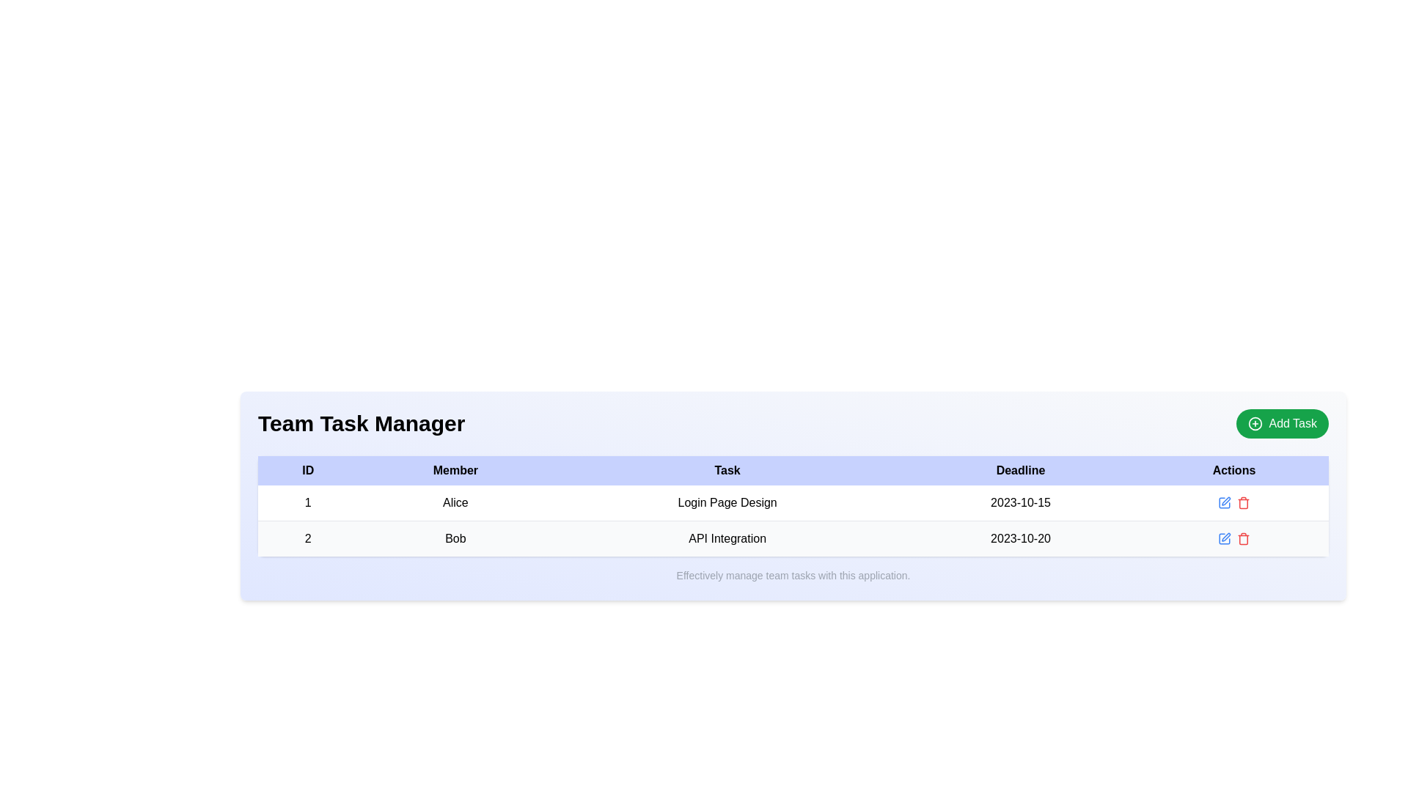  What do you see at coordinates (455, 502) in the screenshot?
I see `the Text Label displaying 'Alice' in the second column of the first row in a table layout` at bounding box center [455, 502].